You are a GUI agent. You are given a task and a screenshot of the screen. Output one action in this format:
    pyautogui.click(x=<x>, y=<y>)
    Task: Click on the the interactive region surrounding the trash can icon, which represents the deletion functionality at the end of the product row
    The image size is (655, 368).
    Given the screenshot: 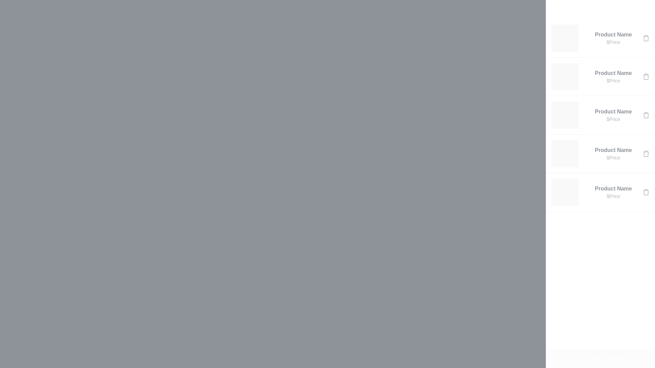 What is the action you would take?
    pyautogui.click(x=646, y=38)
    